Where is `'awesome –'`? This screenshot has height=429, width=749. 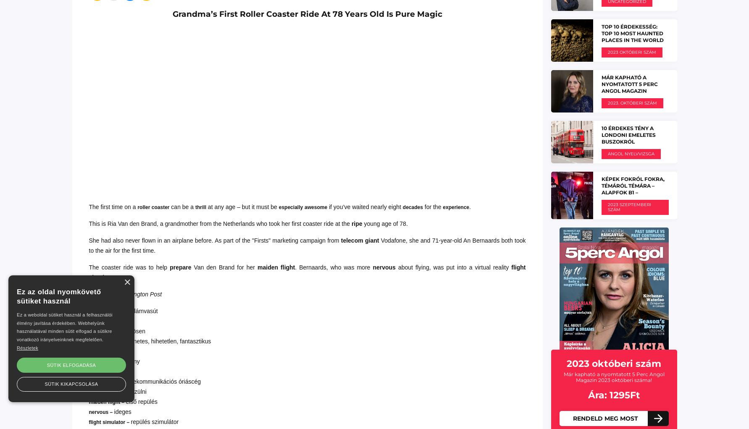 'awesome –' is located at coordinates (102, 341).